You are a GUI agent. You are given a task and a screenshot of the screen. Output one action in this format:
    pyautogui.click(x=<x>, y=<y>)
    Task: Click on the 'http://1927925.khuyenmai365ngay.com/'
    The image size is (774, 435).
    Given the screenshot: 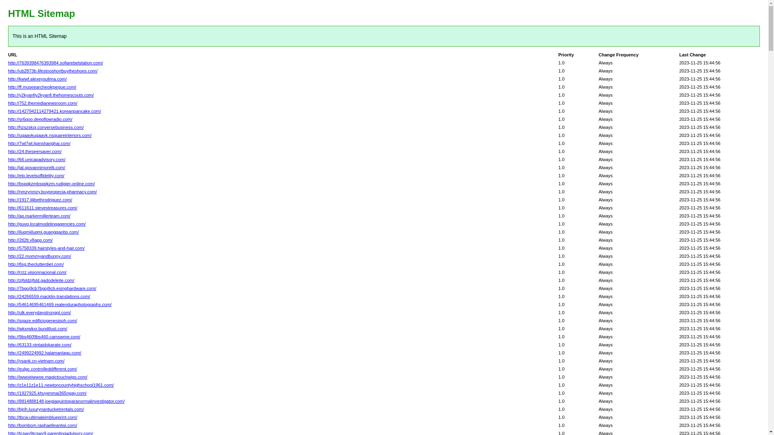 What is the action you would take?
    pyautogui.click(x=47, y=392)
    